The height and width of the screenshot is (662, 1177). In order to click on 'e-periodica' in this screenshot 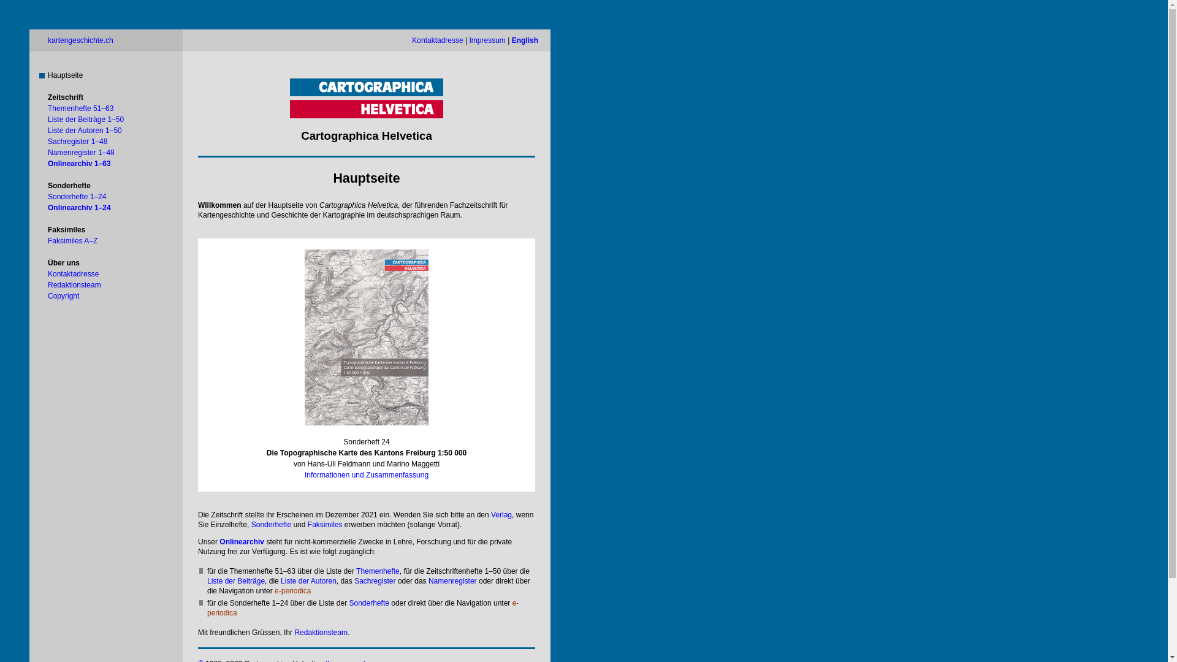, I will do `click(292, 590)`.